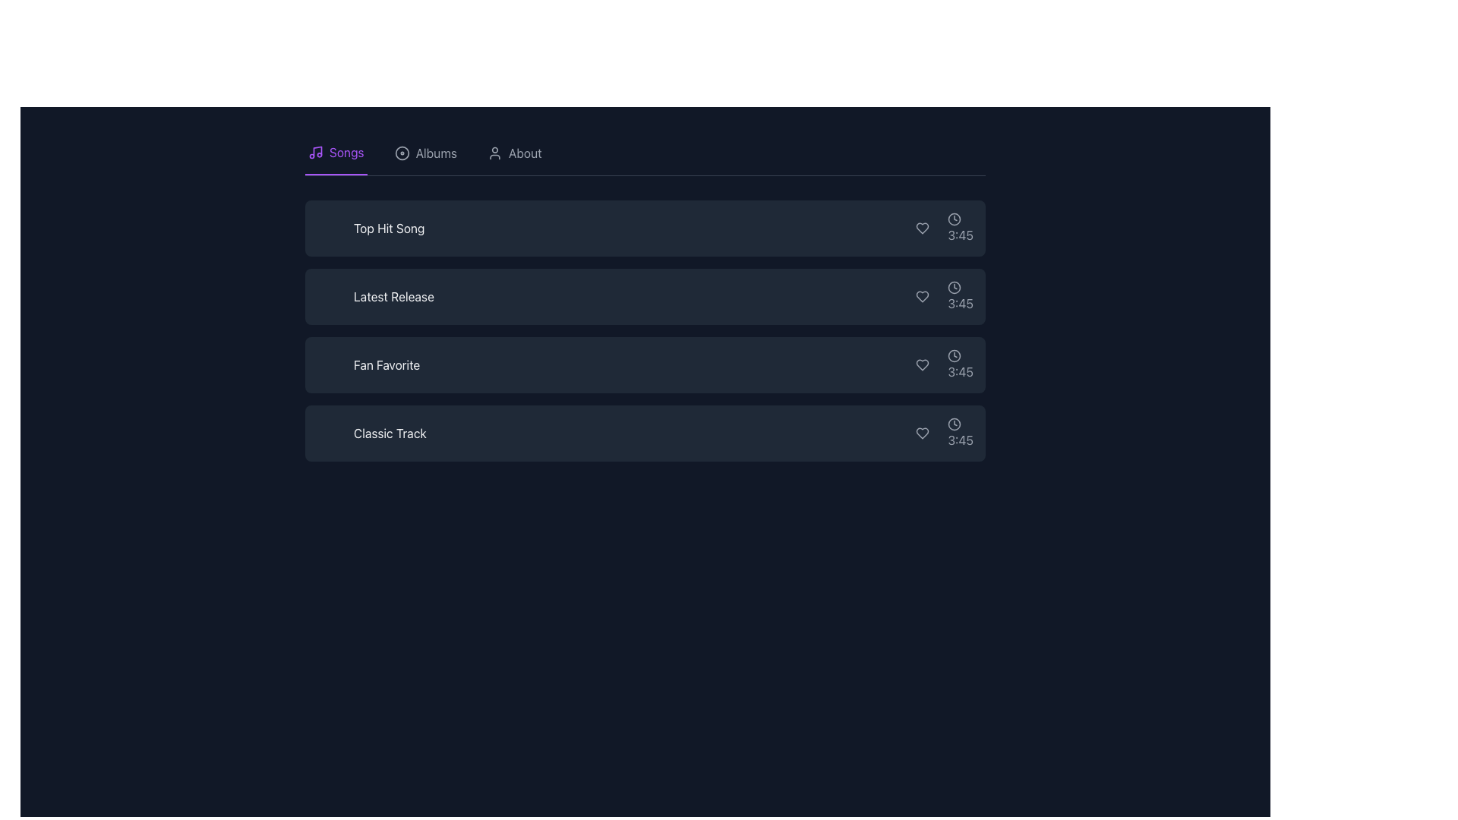 The width and height of the screenshot is (1458, 820). Describe the element at coordinates (645, 433) in the screenshot. I see `the fourth card item in the song list` at that location.